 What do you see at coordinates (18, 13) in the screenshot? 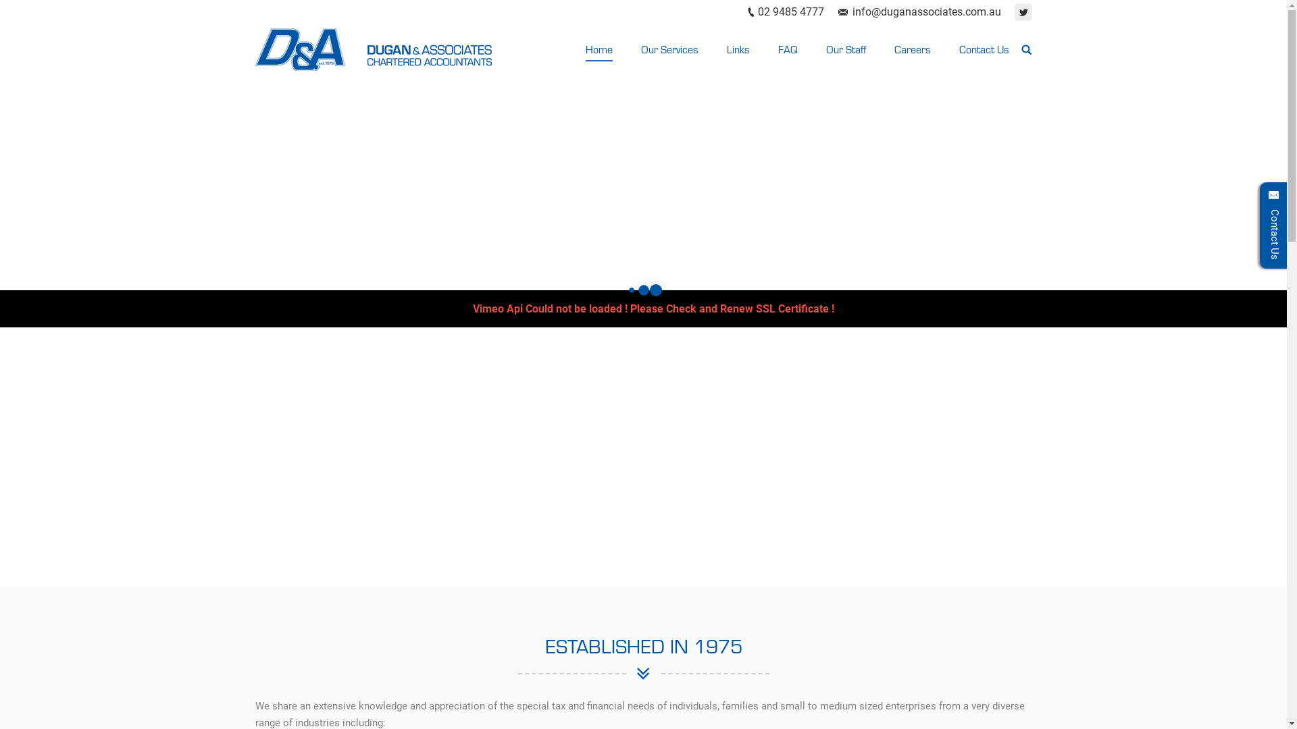
I see `'Go!'` at bounding box center [18, 13].